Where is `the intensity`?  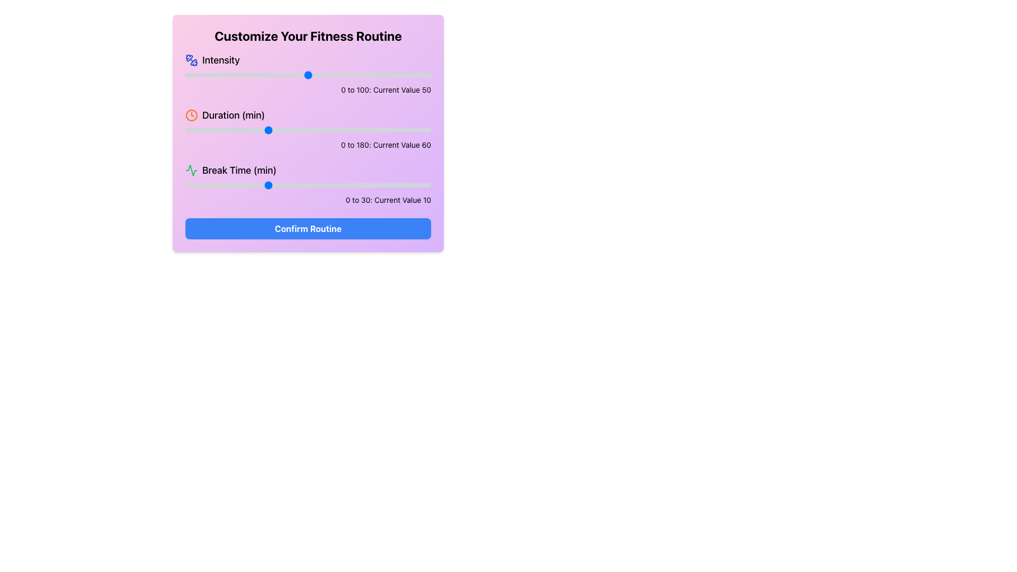 the intensity is located at coordinates (383, 75).